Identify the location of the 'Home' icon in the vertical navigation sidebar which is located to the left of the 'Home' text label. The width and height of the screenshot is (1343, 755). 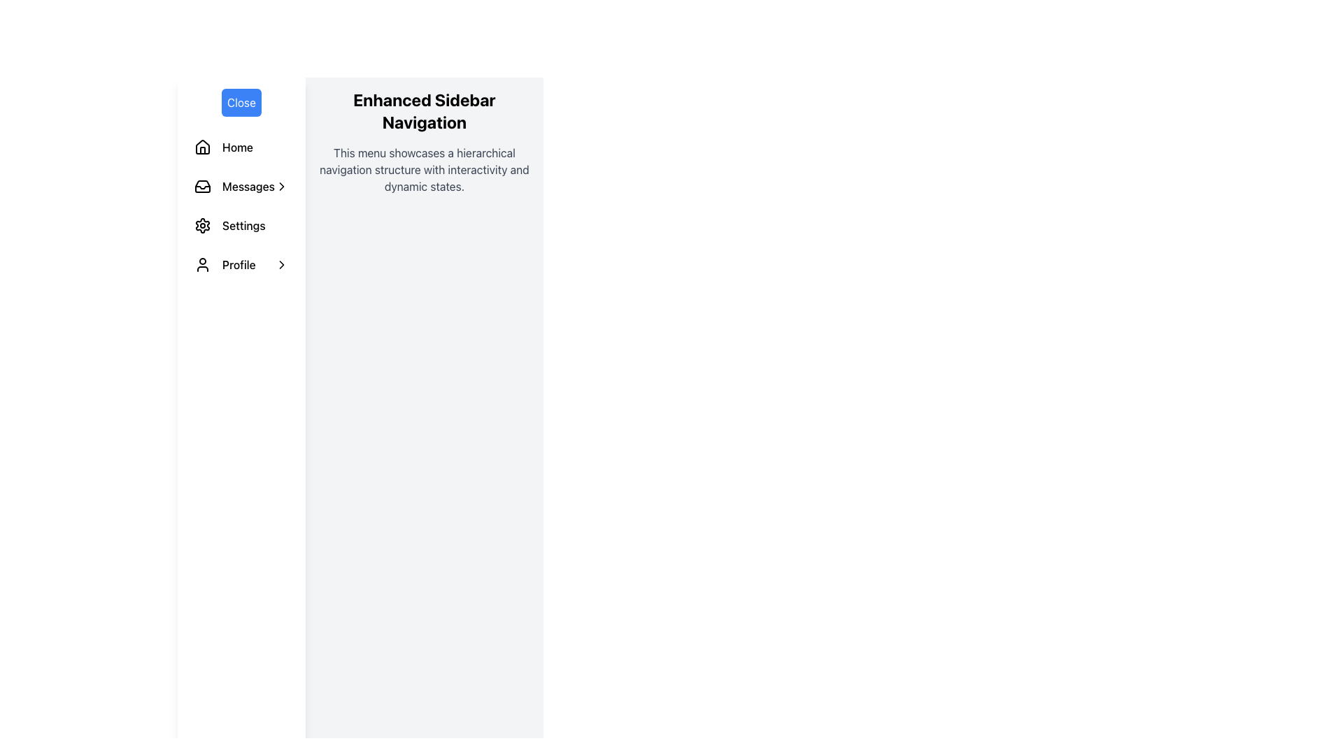
(201, 148).